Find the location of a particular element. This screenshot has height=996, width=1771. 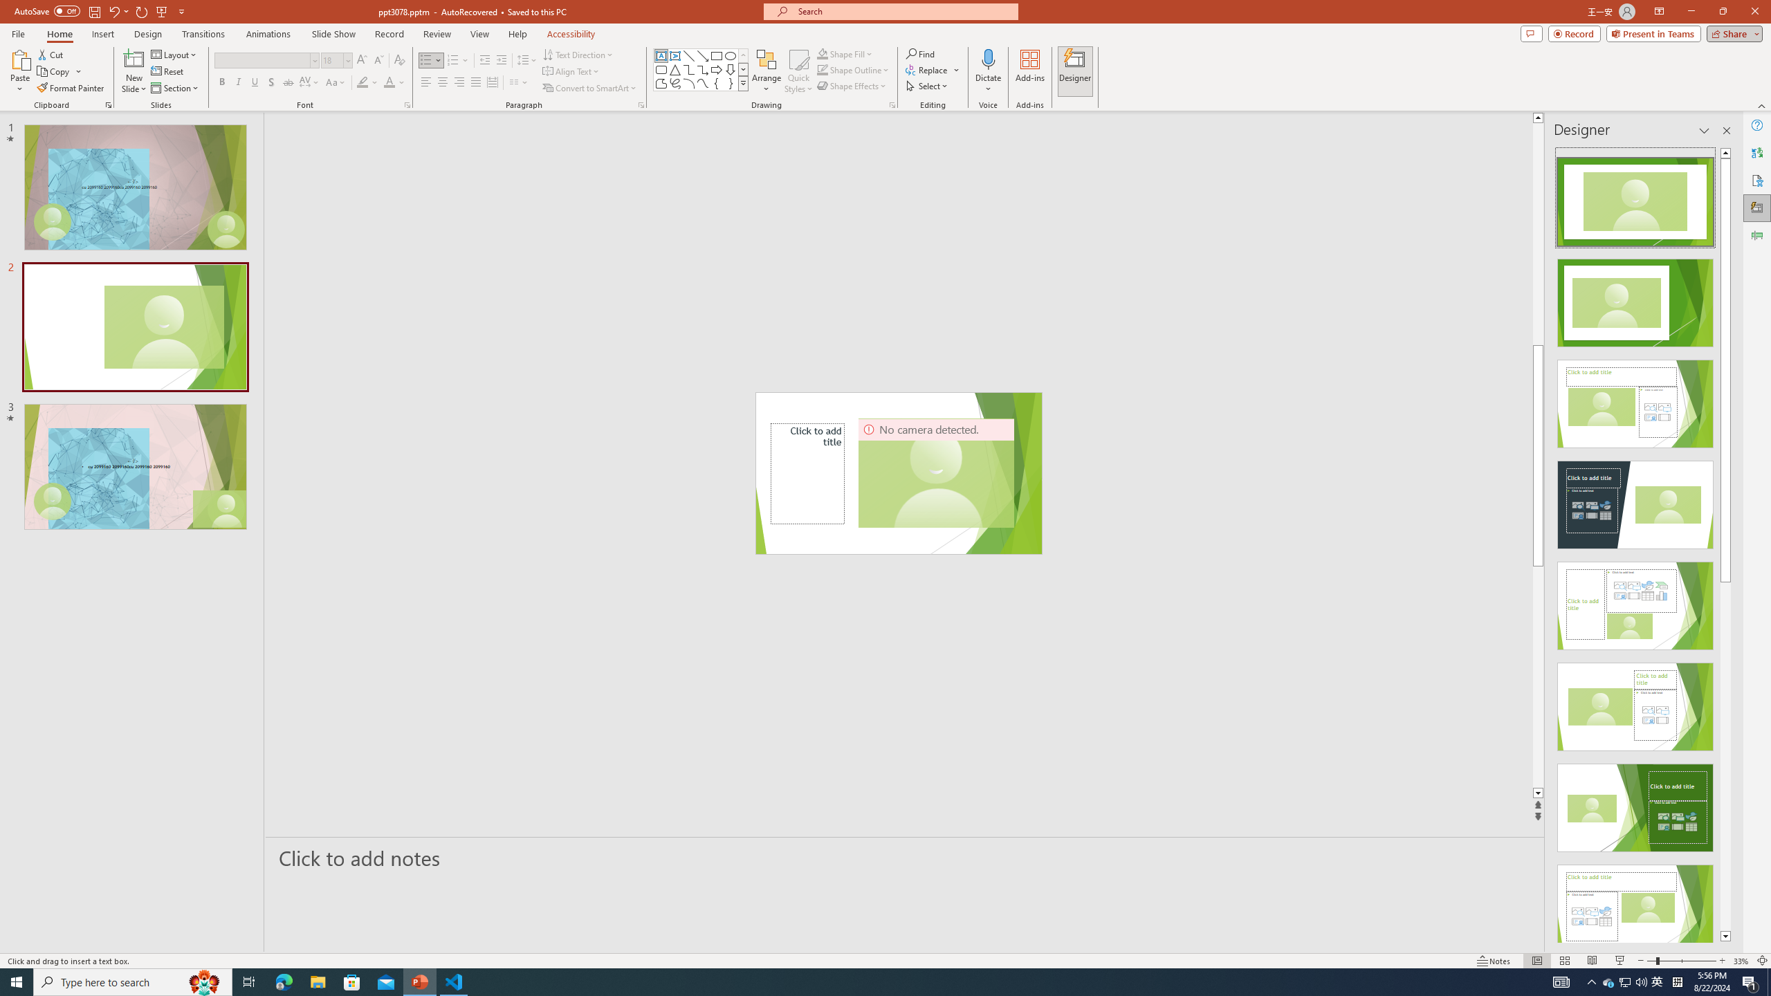

'Slide Notes' is located at coordinates (905, 858).